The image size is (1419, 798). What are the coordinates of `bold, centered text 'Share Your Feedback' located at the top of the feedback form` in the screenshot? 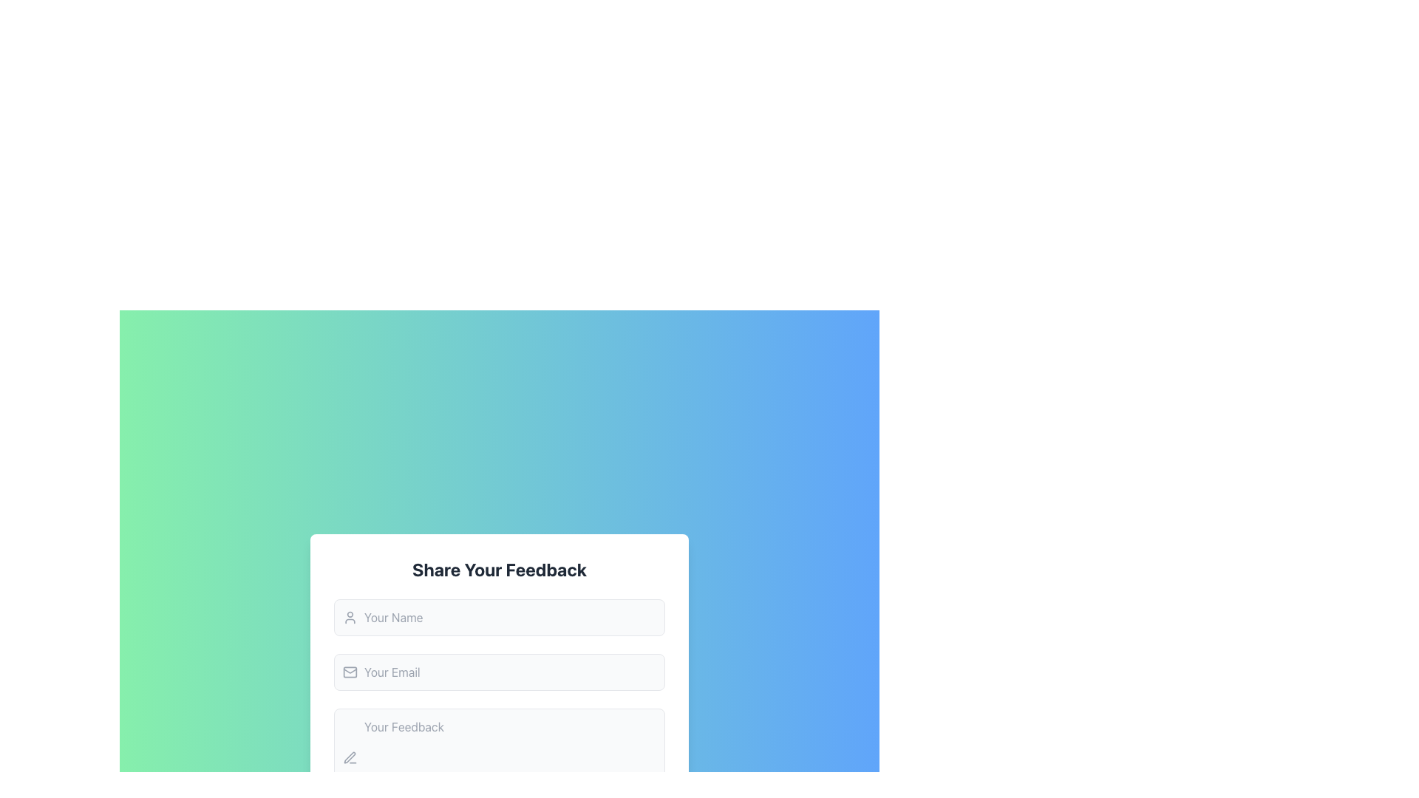 It's located at (500, 569).